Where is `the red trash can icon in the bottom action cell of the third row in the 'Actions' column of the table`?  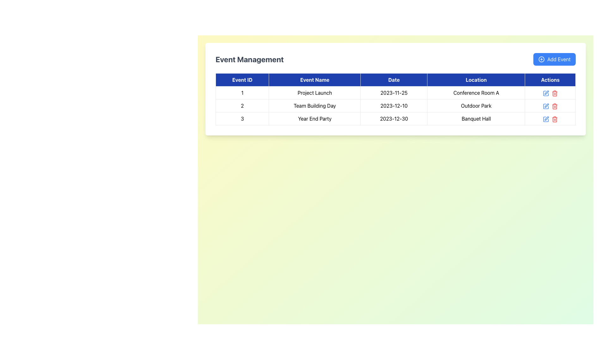
the red trash can icon in the bottom action cell of the third row in the 'Actions' column of the table is located at coordinates (554, 106).